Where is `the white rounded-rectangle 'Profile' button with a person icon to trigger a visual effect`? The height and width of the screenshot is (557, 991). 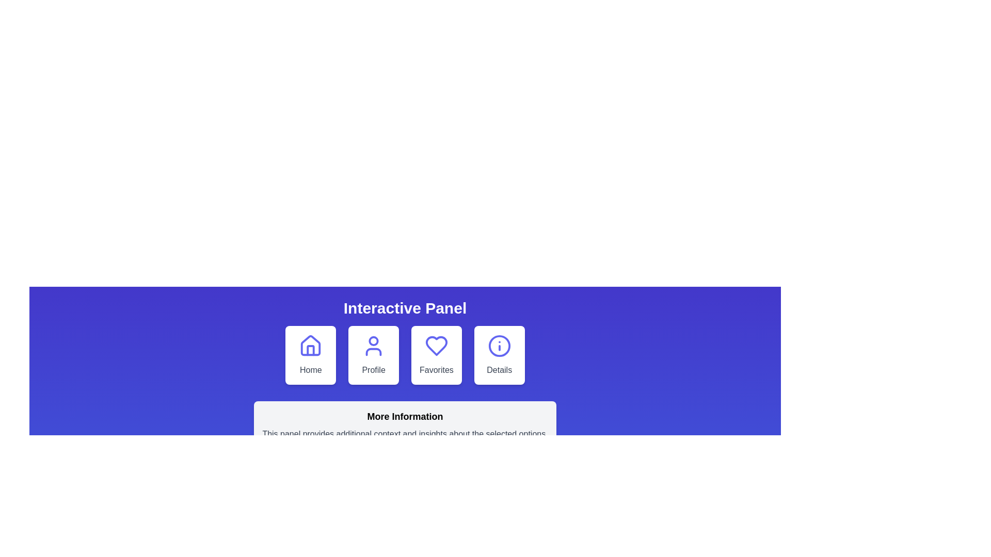
the white rounded-rectangle 'Profile' button with a person icon to trigger a visual effect is located at coordinates (373, 355).